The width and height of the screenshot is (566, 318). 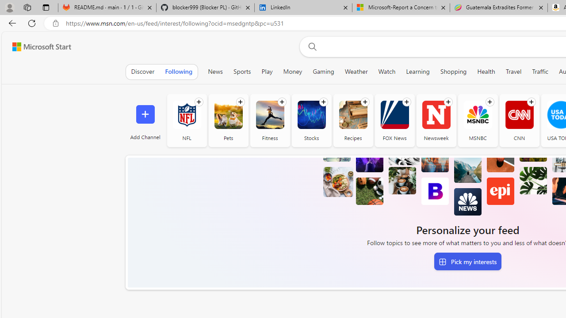 What do you see at coordinates (311, 120) in the screenshot?
I see `'Stocks'` at bounding box center [311, 120].